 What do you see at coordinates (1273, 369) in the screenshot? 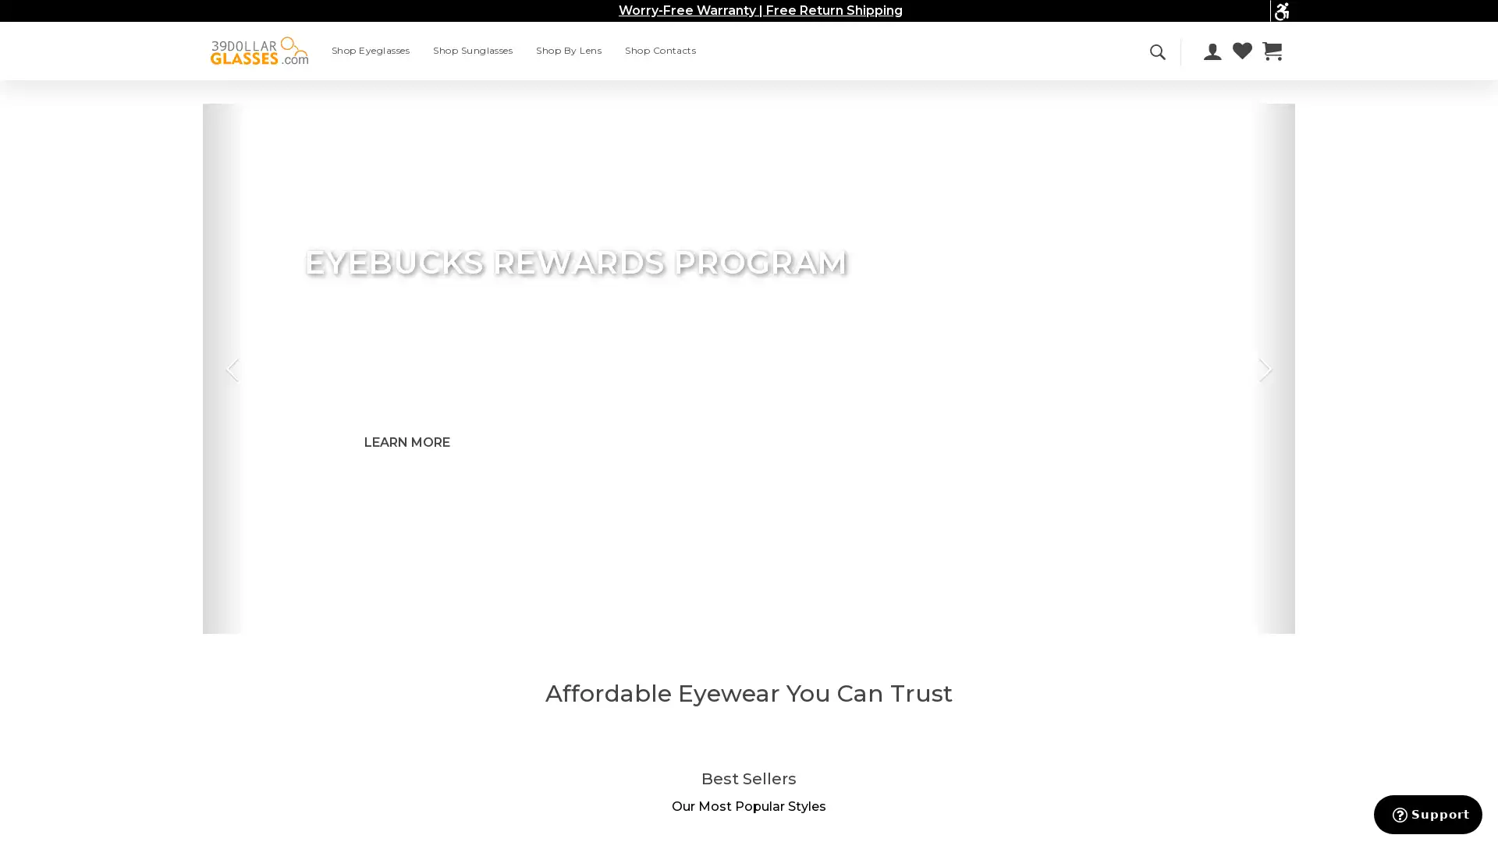
I see `Next` at bounding box center [1273, 369].